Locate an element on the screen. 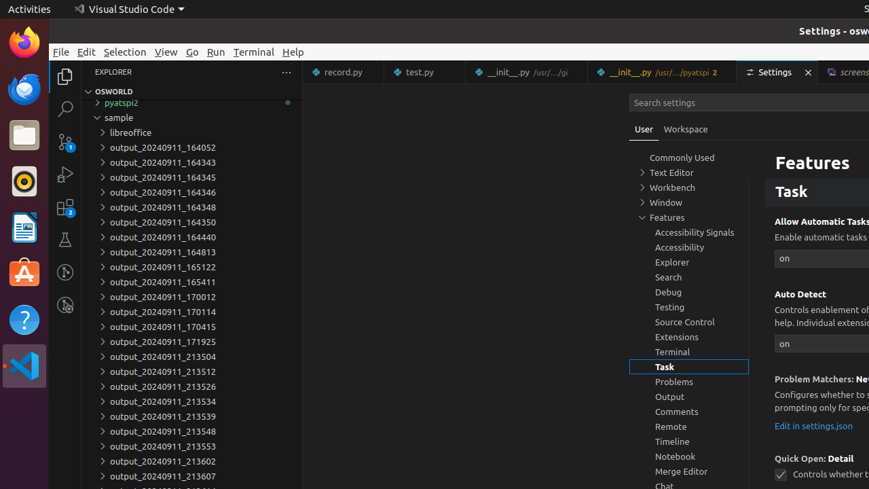  'Text Editor, group' is located at coordinates (689, 172).